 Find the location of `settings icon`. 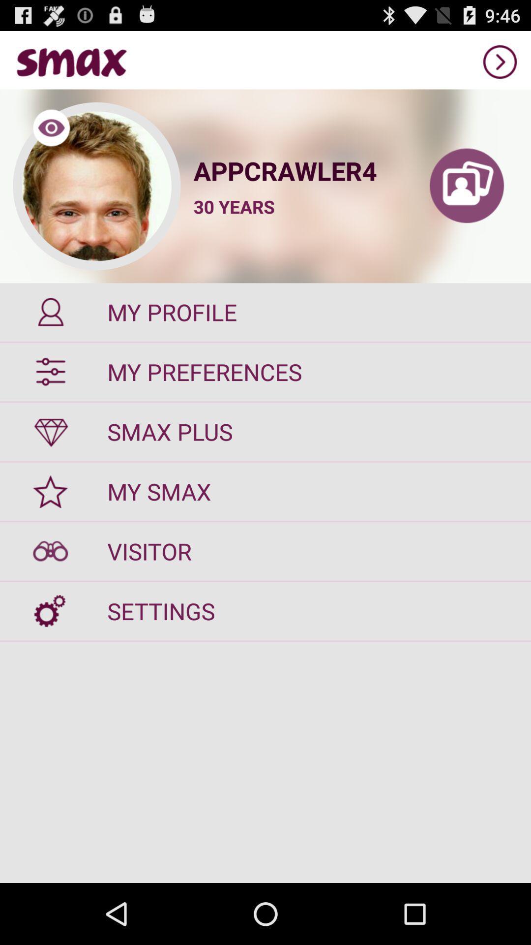

settings icon is located at coordinates (265, 611).